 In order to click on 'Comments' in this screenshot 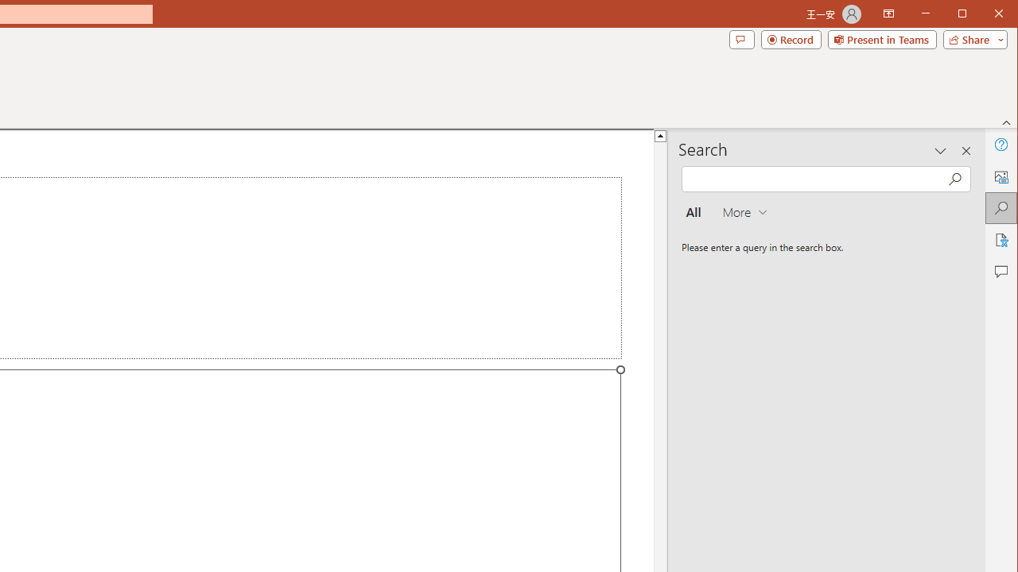, I will do `click(740, 39)`.